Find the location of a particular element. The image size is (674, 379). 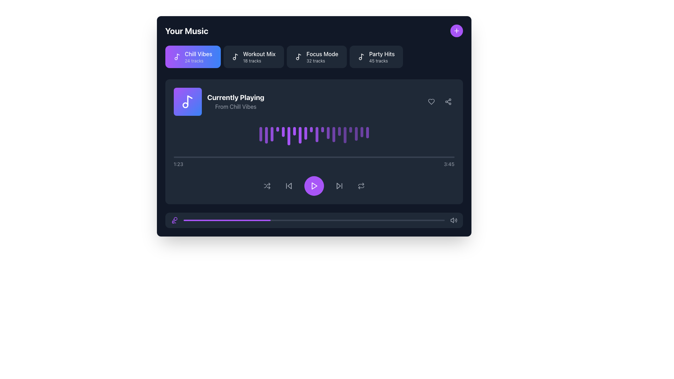

to select or view the 'Chill Vibes' playlist card, which is the first card in the grid of music playlists, located in the 'Your Music' section is located at coordinates (198, 56).